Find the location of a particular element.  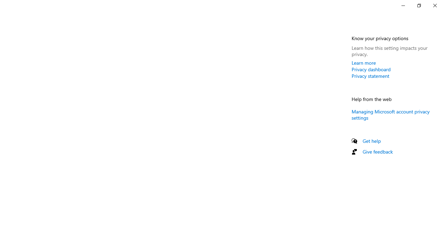

'Restore Settings' is located at coordinates (418, 5).